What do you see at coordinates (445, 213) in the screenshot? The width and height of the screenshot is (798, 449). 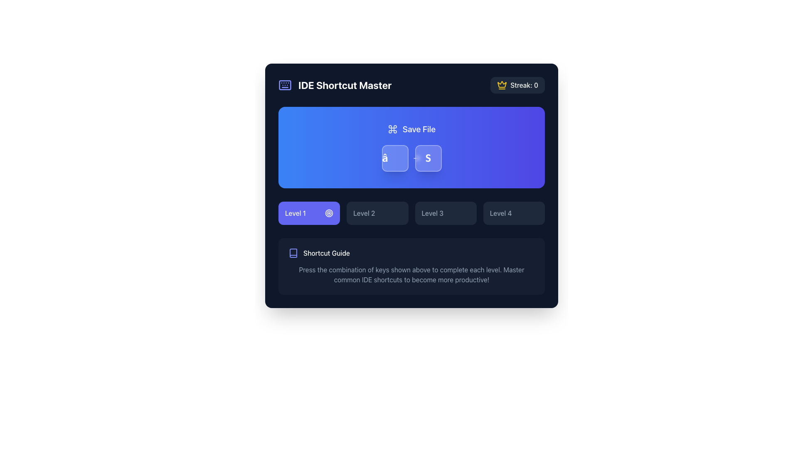 I see `the 'Level 3' button located between the 'Level 2' and 'Level 4' buttons` at bounding box center [445, 213].